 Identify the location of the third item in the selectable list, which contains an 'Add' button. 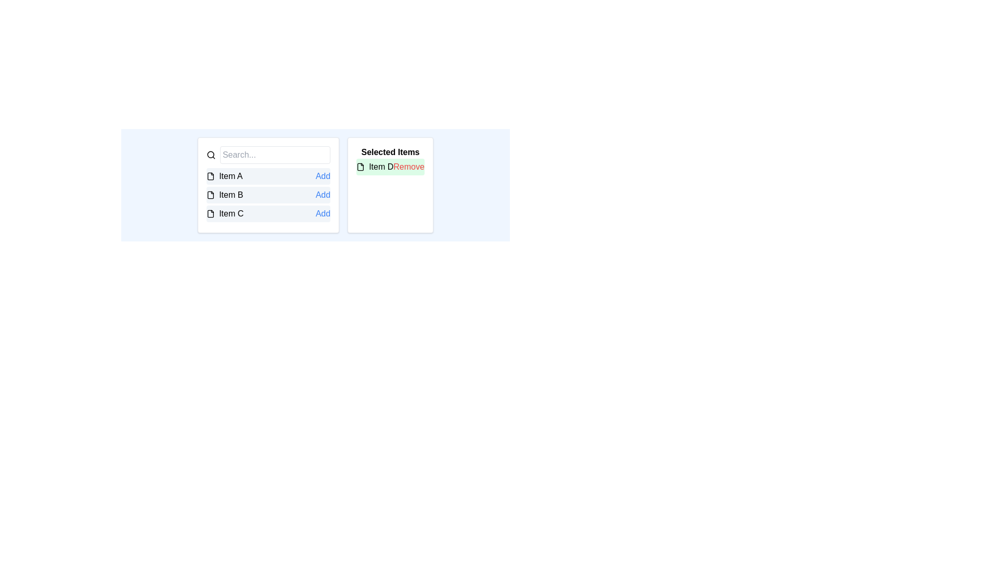
(268, 213).